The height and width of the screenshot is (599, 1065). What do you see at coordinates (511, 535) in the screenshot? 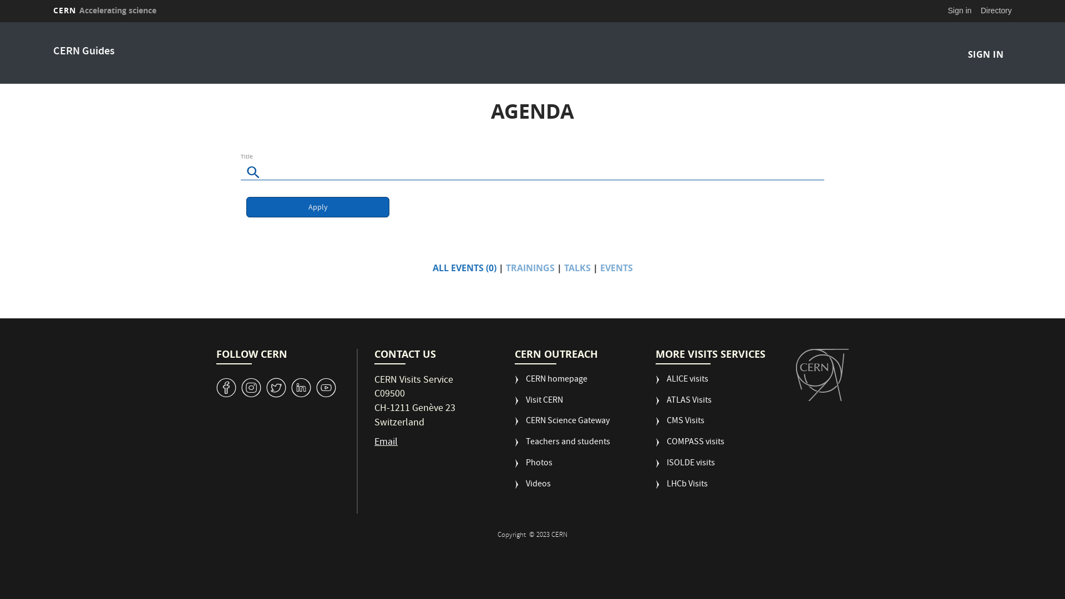
I see `'Copyright'` at bounding box center [511, 535].